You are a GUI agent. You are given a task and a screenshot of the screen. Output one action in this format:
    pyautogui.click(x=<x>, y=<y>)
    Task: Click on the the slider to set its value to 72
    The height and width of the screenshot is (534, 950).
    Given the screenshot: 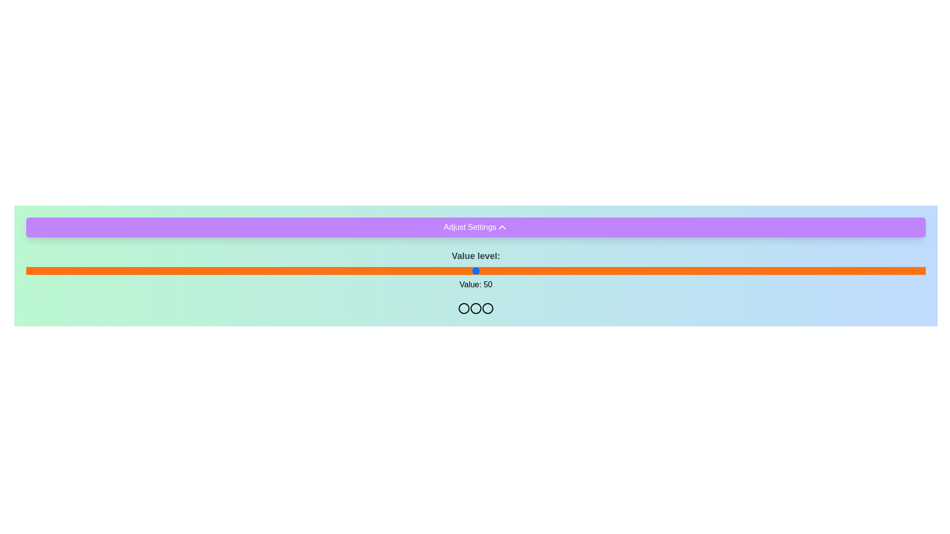 What is the action you would take?
    pyautogui.click(x=673, y=270)
    